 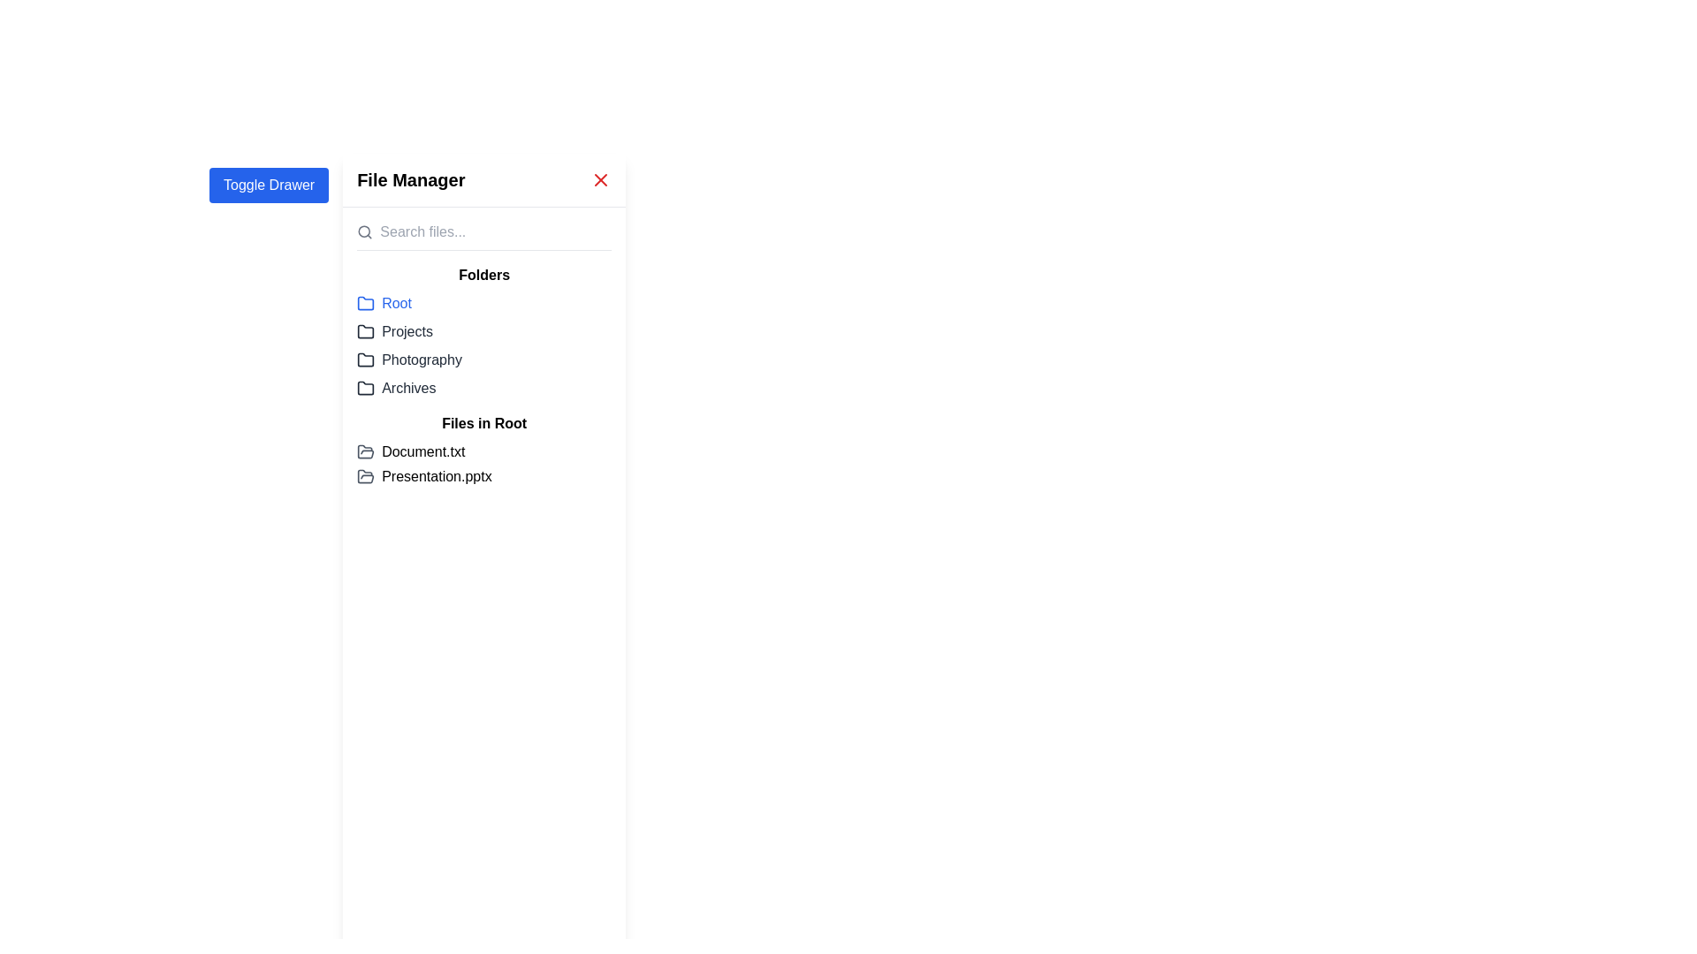 What do you see at coordinates (365, 360) in the screenshot?
I see `to select the folder icon located beside the 'Photography' label in the Folders section of the file manager panel` at bounding box center [365, 360].